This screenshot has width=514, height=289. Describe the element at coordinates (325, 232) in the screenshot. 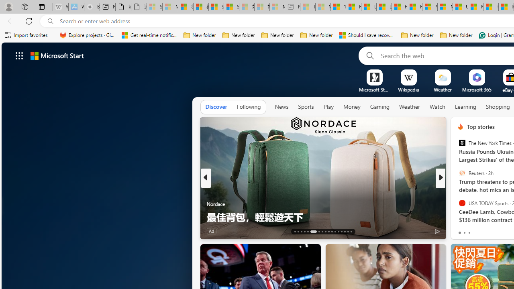

I see `'AutomationID: tab-21'` at that location.